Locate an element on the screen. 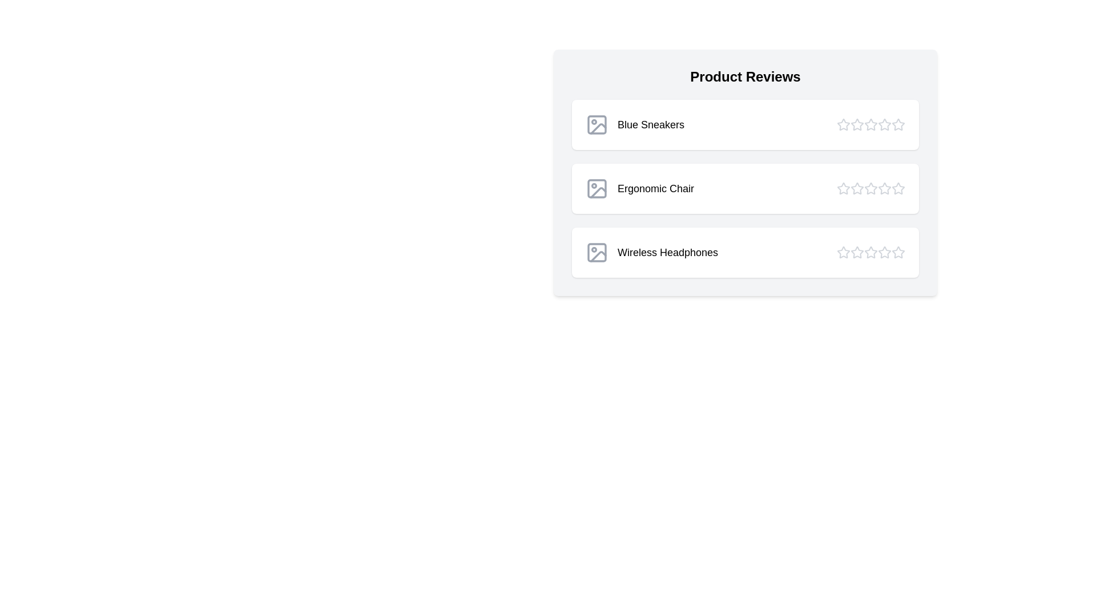 This screenshot has height=616, width=1096. the star corresponding to 1 stars for the product Wireless Headphones is located at coordinates (844, 252).